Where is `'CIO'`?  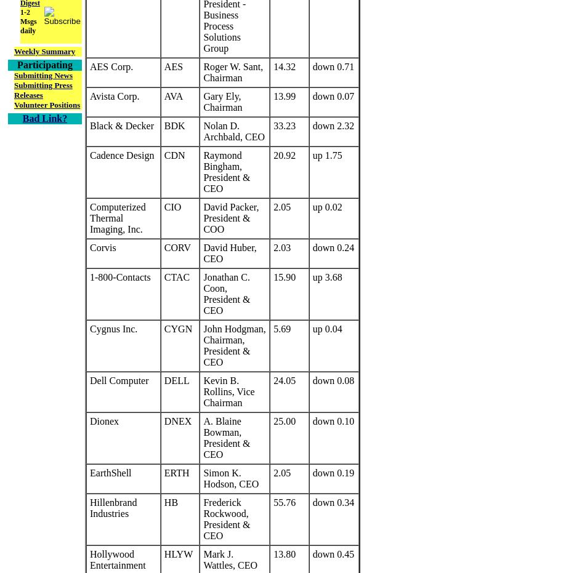 'CIO' is located at coordinates (172, 207).